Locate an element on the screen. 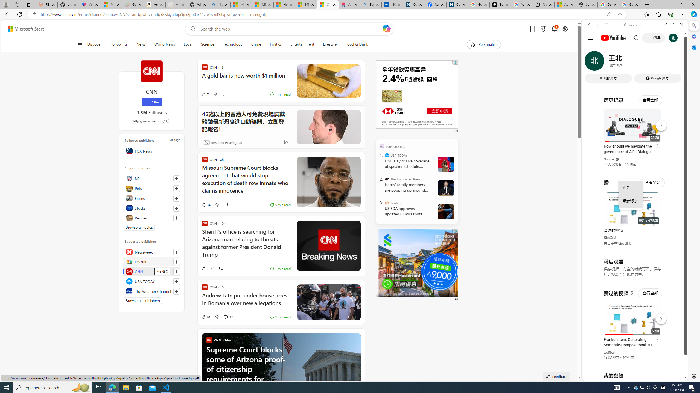 Image resolution: width=700 pixels, height=393 pixels. 'View comments 3 Comment' is located at coordinates (227, 205).